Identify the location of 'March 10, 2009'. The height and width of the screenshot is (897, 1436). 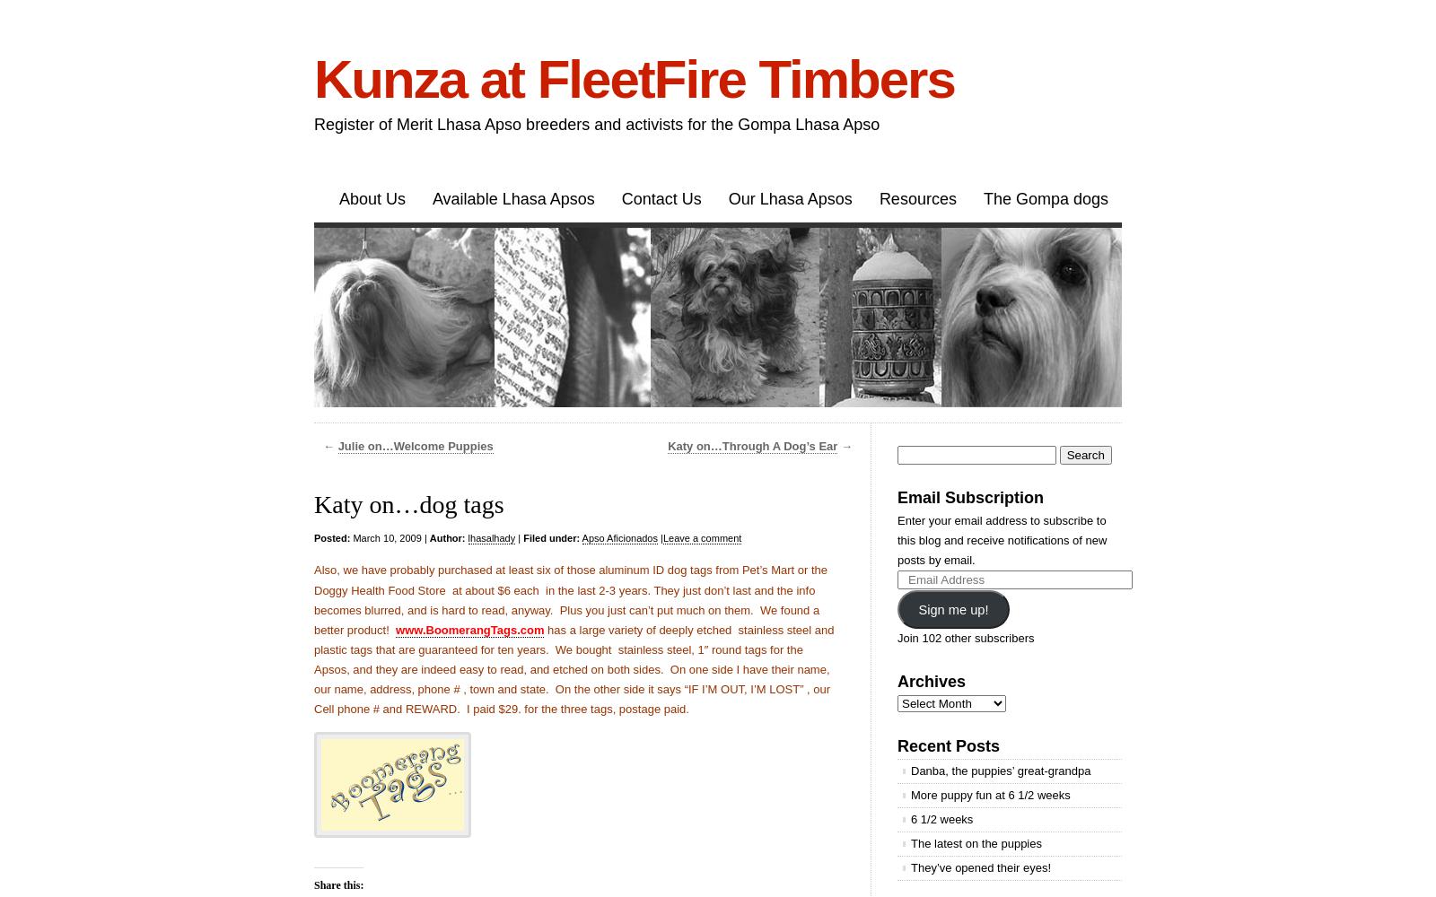
(384, 537).